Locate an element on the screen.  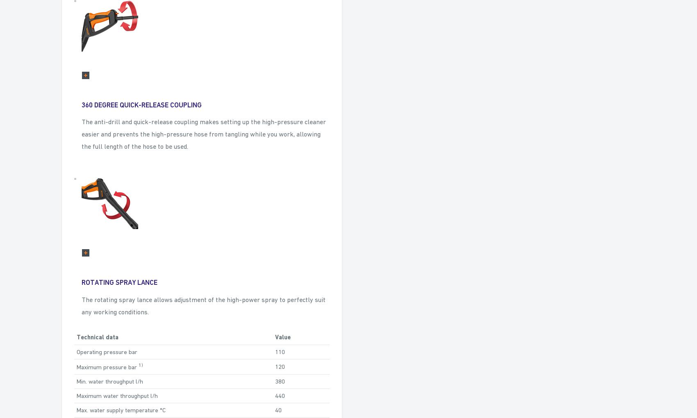
'1)' is located at coordinates (138, 364).